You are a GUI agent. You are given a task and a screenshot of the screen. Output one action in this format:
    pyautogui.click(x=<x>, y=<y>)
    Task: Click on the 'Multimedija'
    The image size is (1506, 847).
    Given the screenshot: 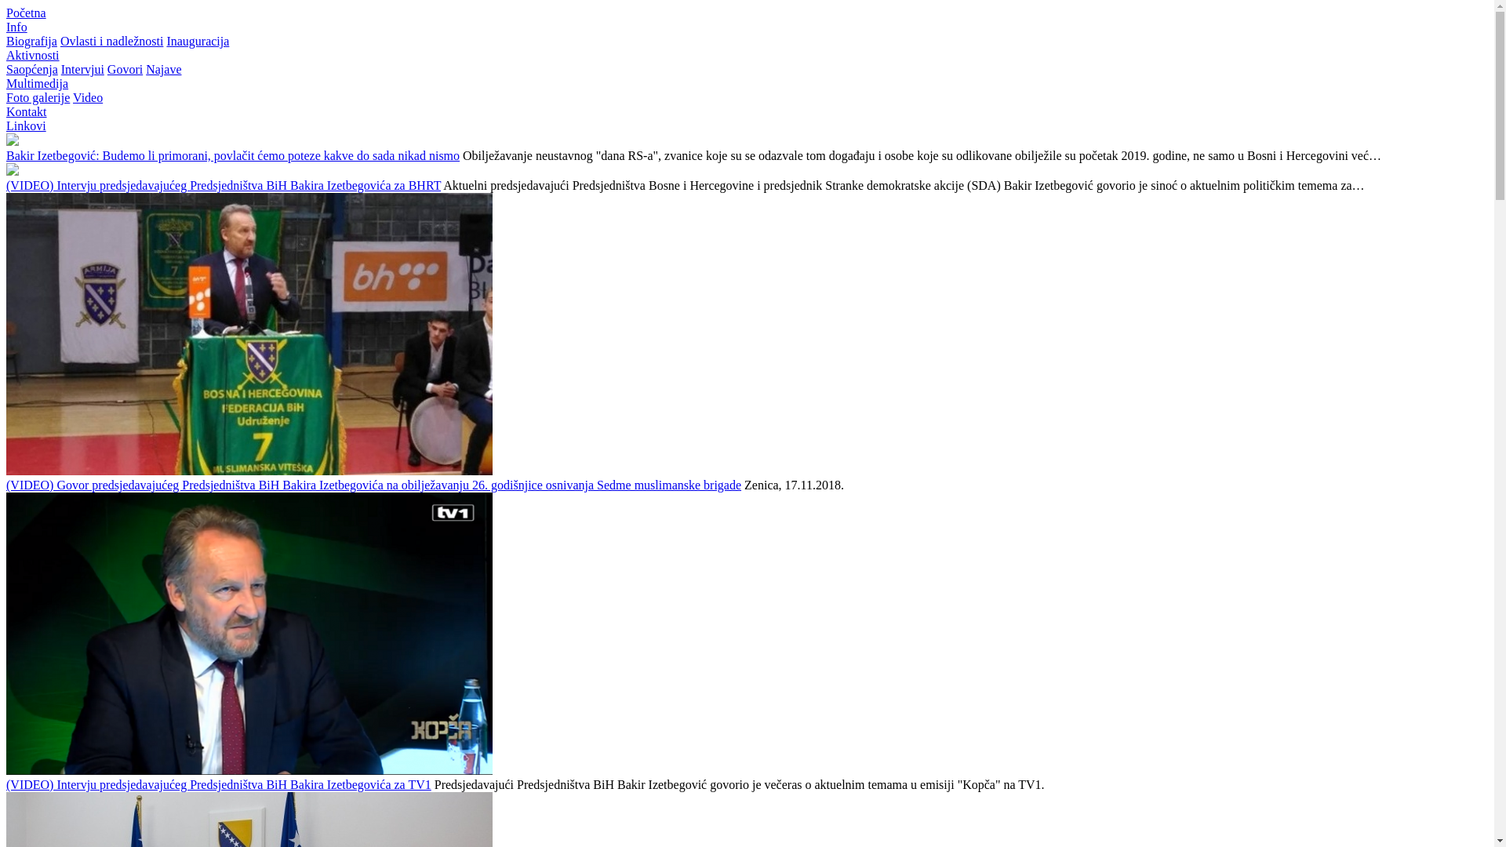 What is the action you would take?
    pyautogui.click(x=6, y=83)
    